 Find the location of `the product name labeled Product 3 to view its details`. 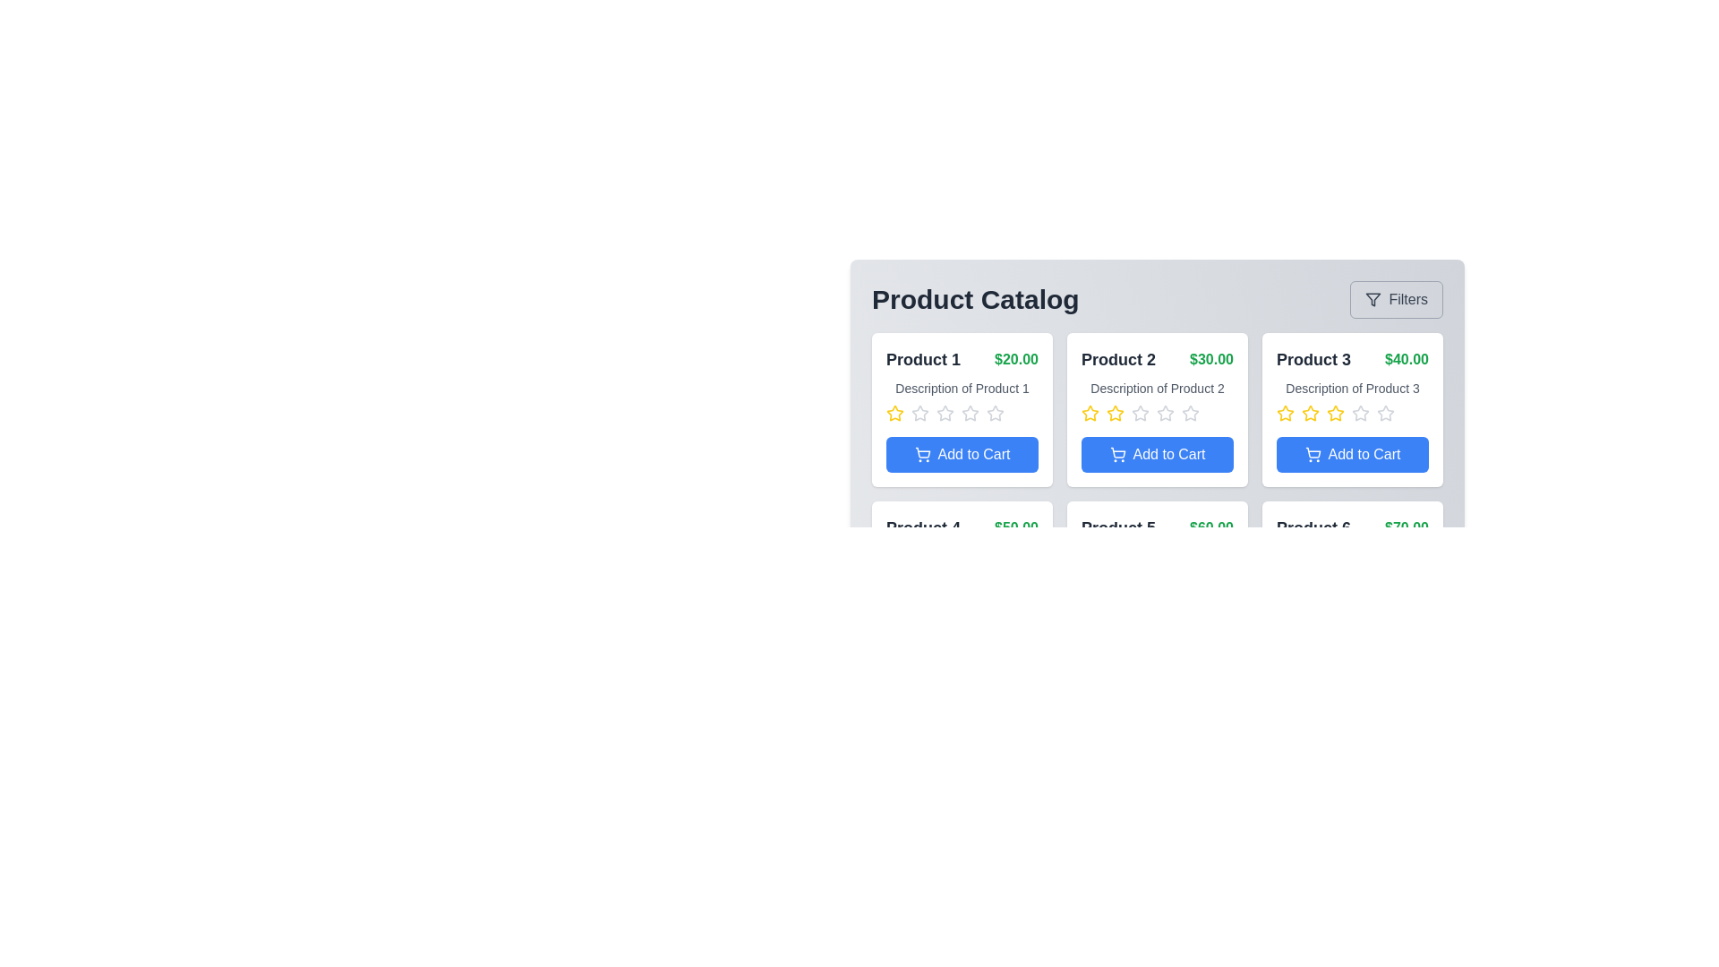

the product name labeled Product 3 to view its details is located at coordinates (1313, 359).